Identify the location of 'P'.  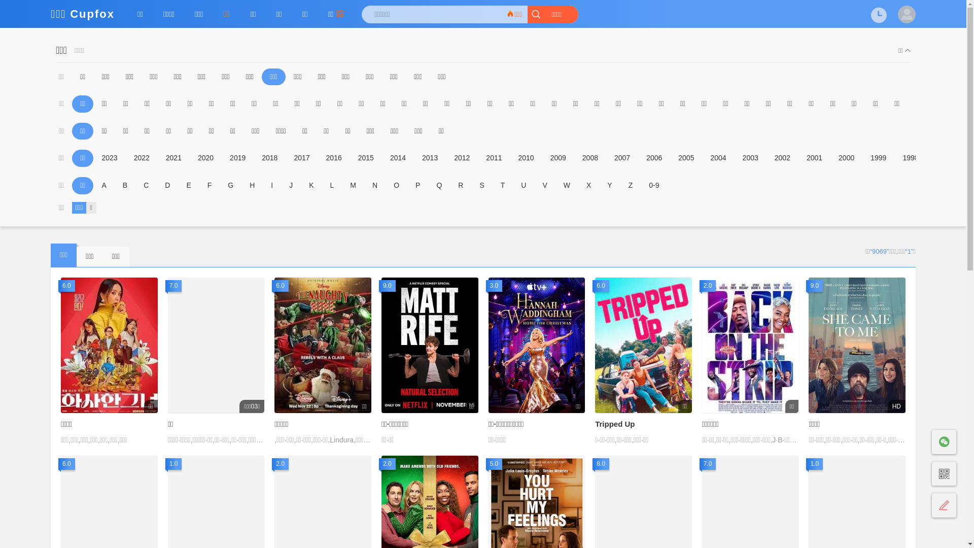
(418, 186).